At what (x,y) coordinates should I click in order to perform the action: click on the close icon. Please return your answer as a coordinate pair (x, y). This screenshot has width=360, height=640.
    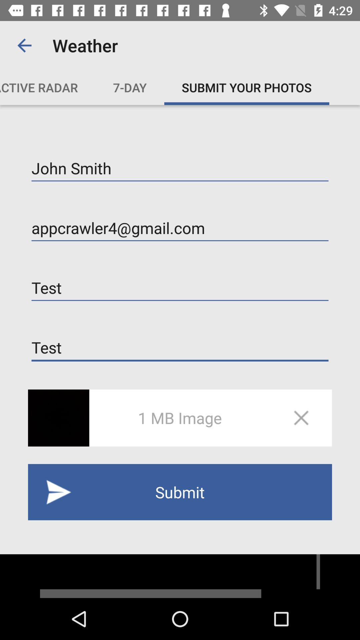
    Looking at the image, I should click on (301, 417).